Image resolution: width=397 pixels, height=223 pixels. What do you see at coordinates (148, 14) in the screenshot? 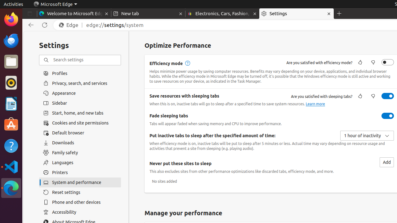
I see `'New tab'` at bounding box center [148, 14].